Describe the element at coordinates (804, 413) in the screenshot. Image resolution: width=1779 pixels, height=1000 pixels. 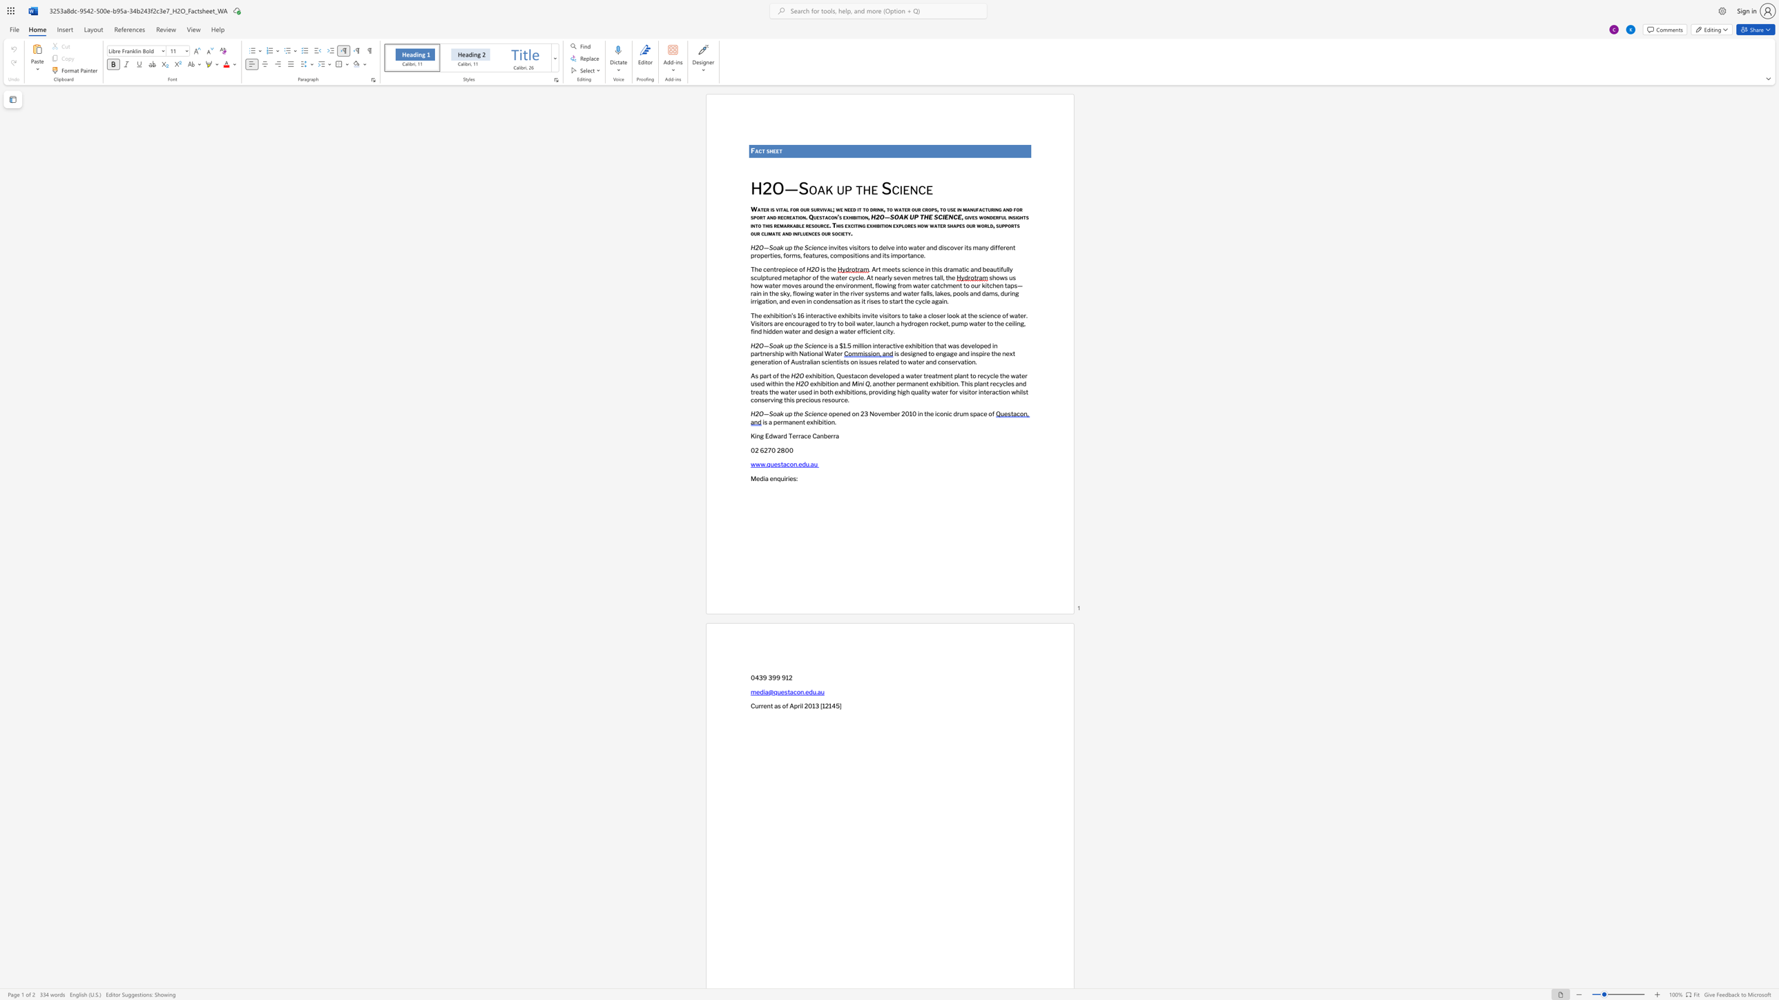
I see `the subset text "Science" within the text "H2O—Soak up the Science"` at that location.